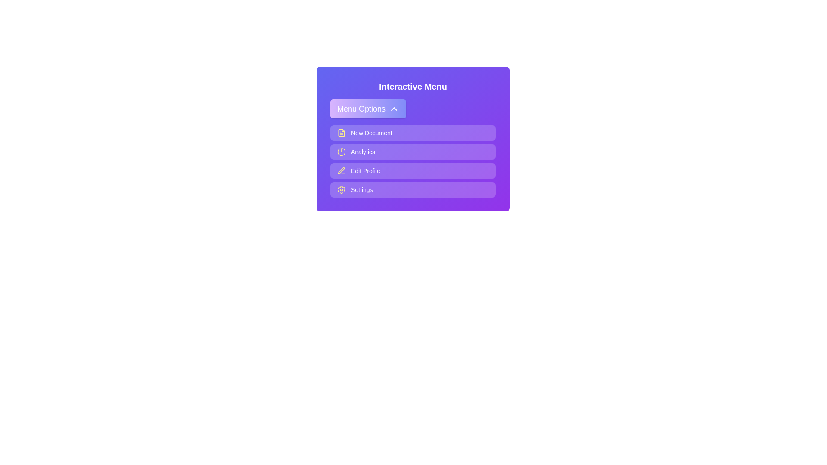 The width and height of the screenshot is (827, 465). I want to click on the dropdown trigger button located below the 'Interactive Menu' heading, so click(368, 108).